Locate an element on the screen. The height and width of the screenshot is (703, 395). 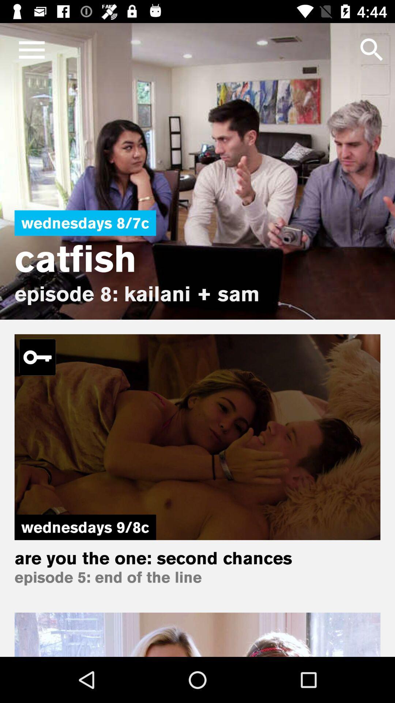
the top left icon of the second image is located at coordinates (38, 357).